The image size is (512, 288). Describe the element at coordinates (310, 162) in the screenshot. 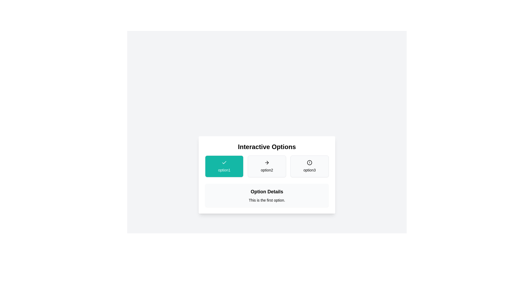

I see `the warning icon located at the center of the rectangular box labeled 'option3'` at that location.